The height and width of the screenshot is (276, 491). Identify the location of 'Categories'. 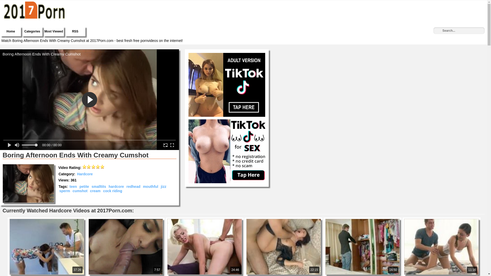
(32, 31).